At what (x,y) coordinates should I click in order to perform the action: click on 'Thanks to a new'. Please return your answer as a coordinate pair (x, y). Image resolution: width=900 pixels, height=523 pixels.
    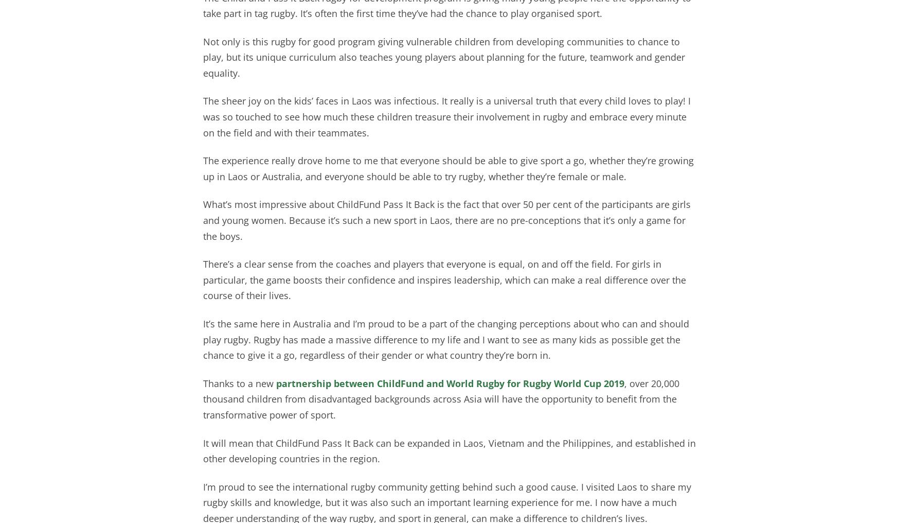
    Looking at the image, I should click on (240, 383).